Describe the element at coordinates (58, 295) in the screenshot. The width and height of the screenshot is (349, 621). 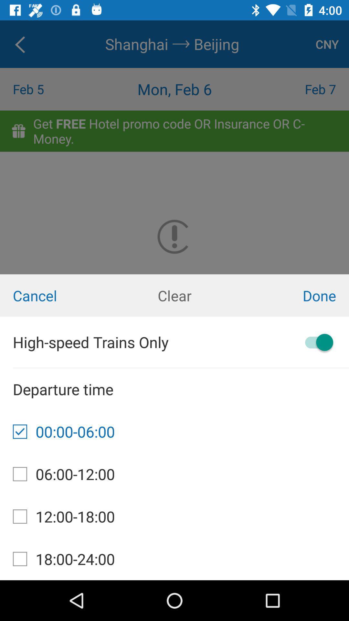
I see `item next to clear item` at that location.